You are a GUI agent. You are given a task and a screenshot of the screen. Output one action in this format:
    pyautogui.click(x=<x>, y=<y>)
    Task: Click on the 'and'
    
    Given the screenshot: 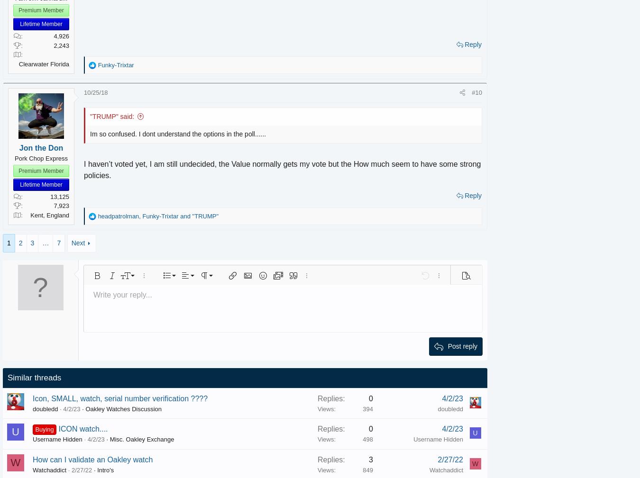 What is the action you would take?
    pyautogui.click(x=199, y=215)
    